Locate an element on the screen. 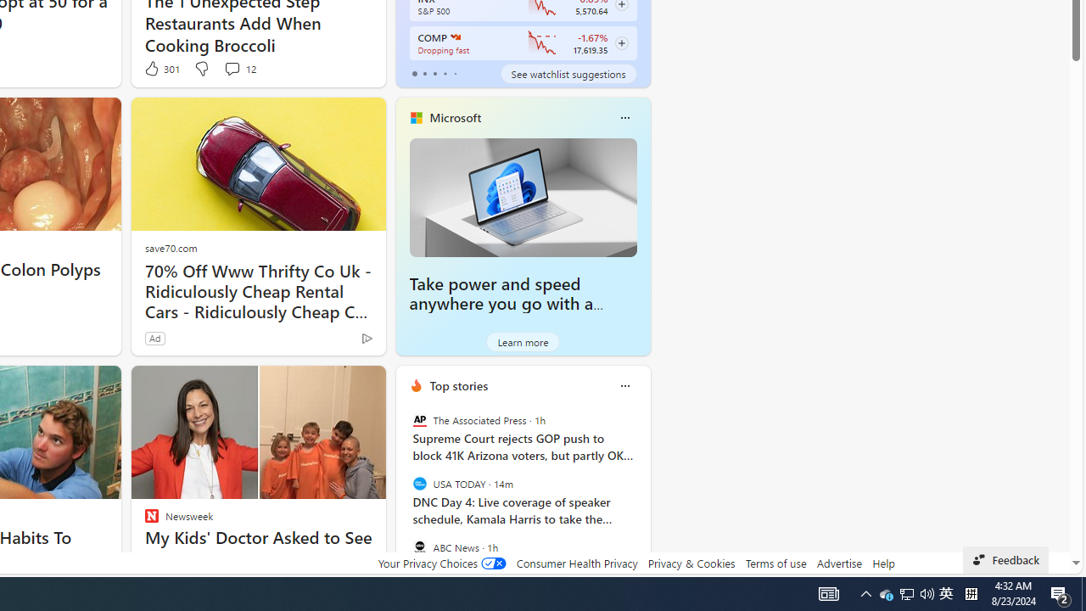  'Take power and speed anywhere you go with a Windows laptop.' is located at coordinates (522, 196).